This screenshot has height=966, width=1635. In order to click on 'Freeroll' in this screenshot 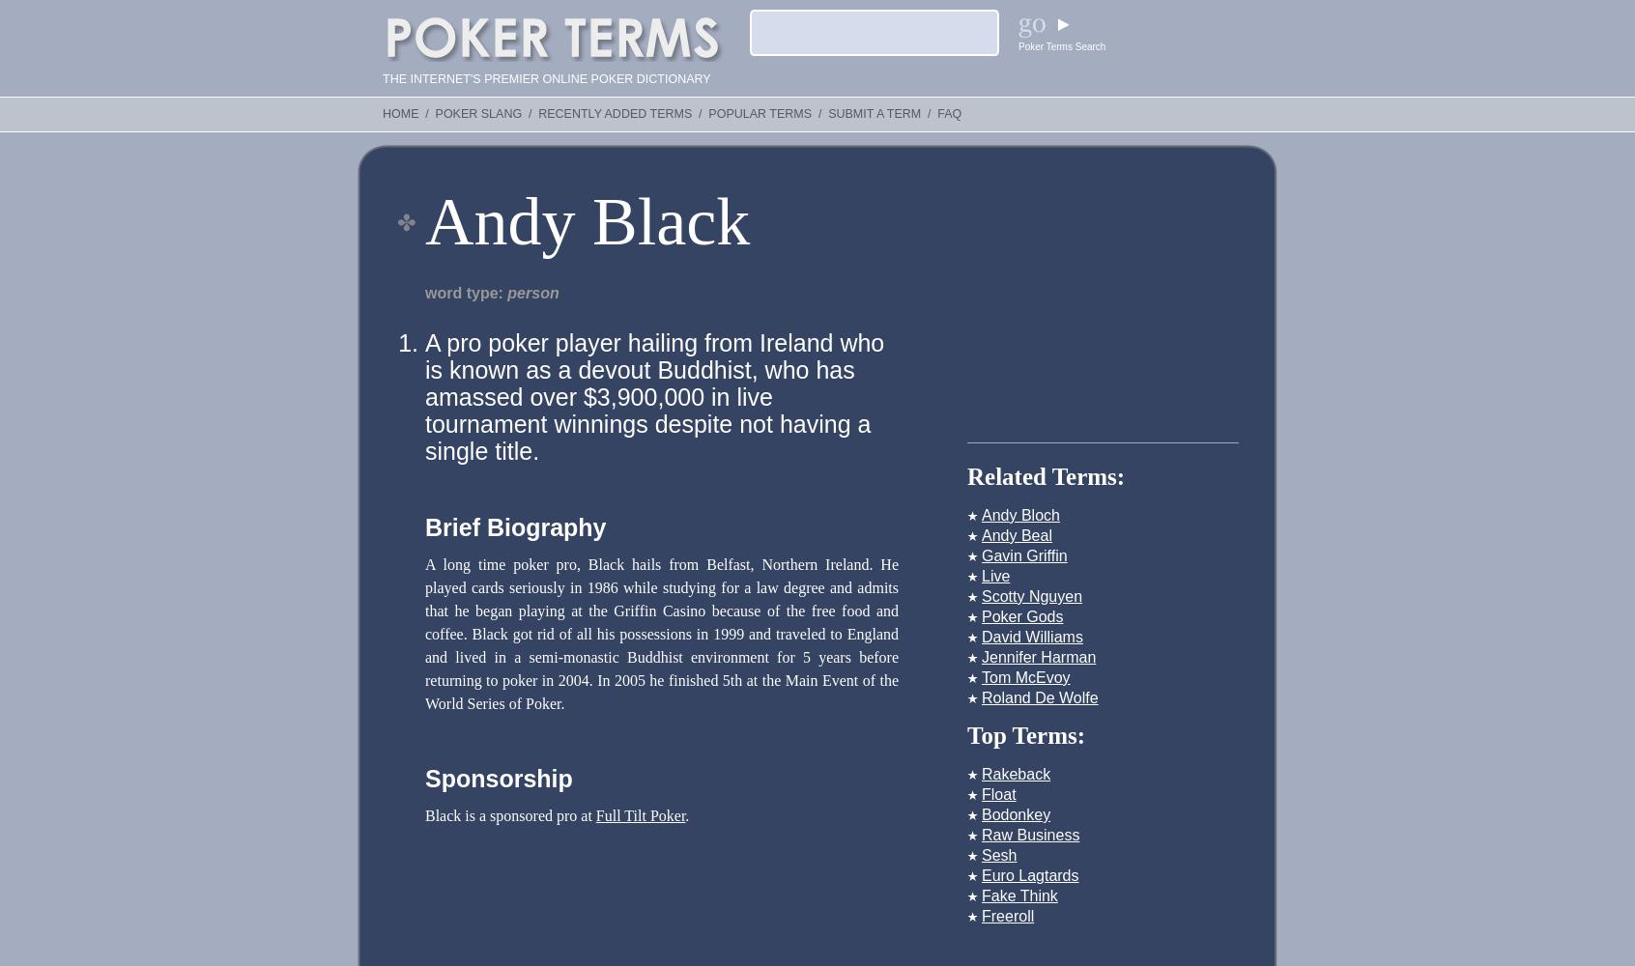, I will do `click(1006, 915)`.